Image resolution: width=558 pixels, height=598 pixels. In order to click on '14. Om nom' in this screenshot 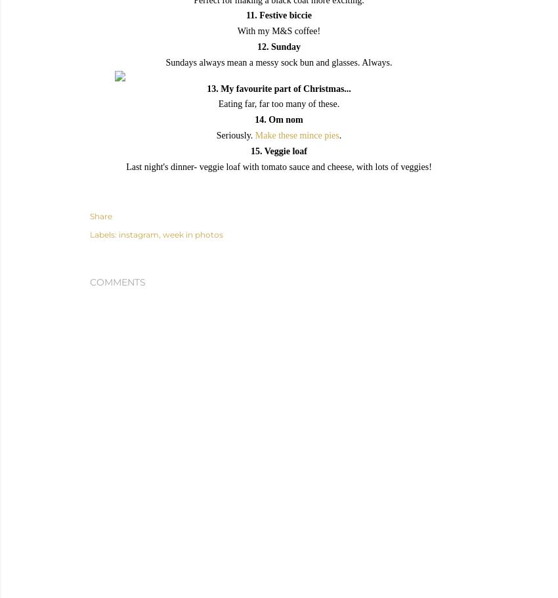, I will do `click(278, 119)`.